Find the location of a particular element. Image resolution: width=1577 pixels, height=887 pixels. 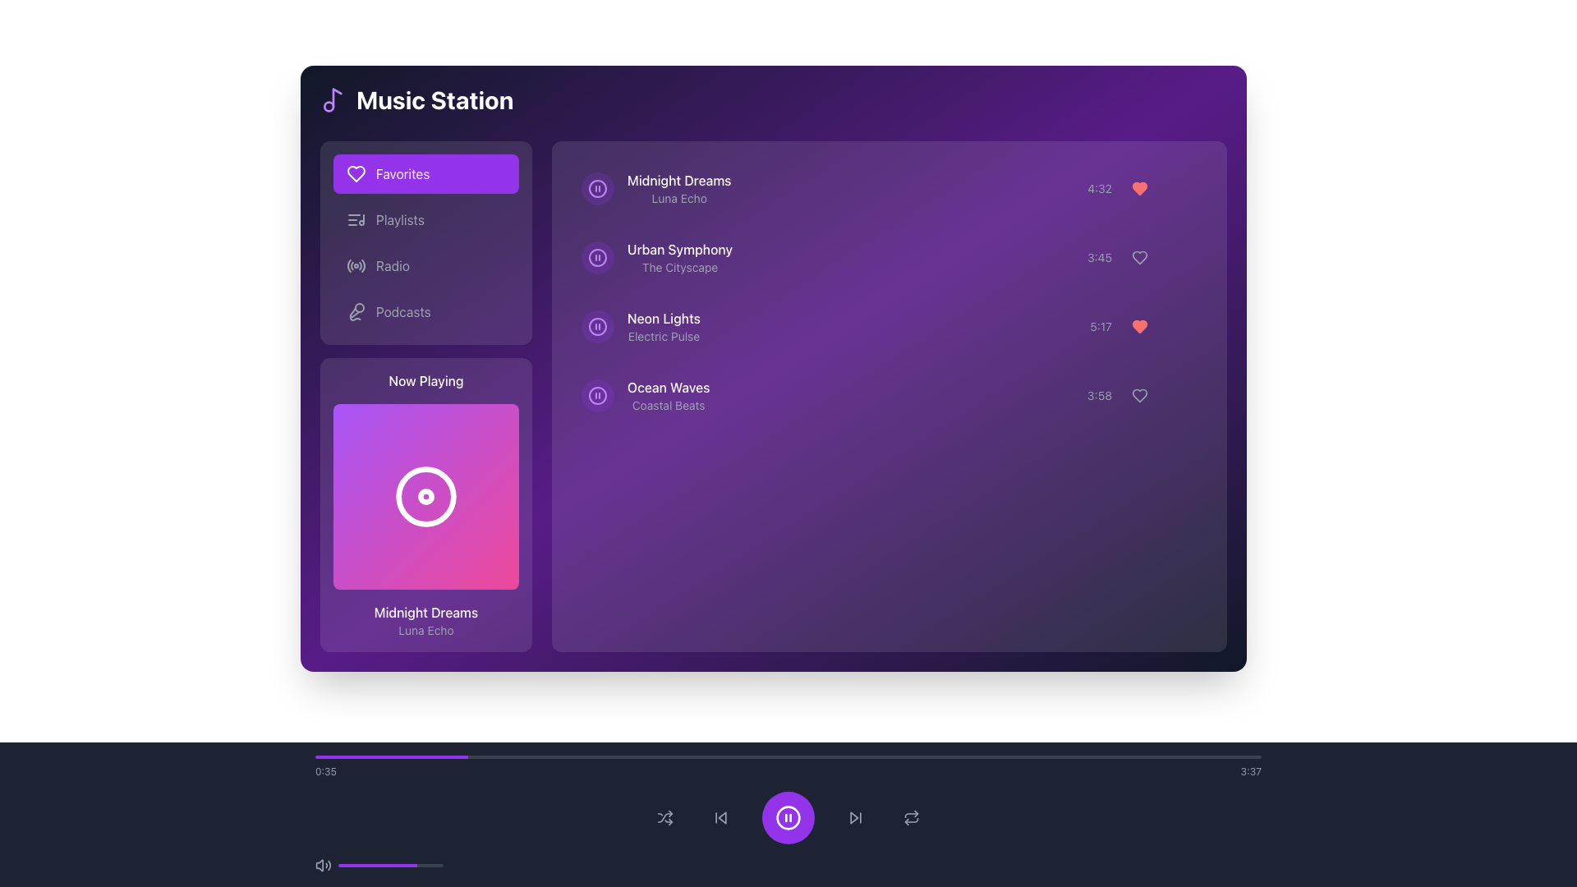

the left-facing double arrow button is located at coordinates (721, 817).